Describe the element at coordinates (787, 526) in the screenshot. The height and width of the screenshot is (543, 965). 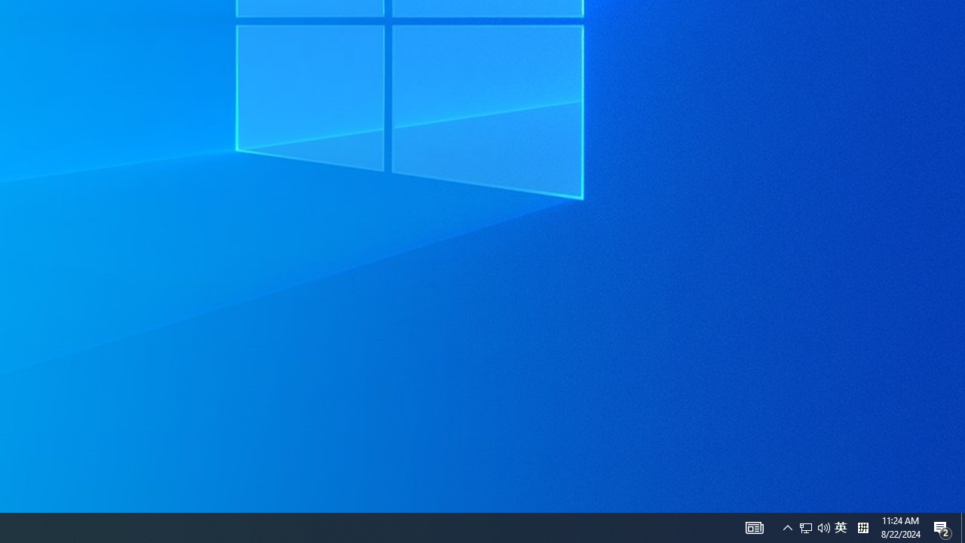
I see `'Notification Chevron'` at that location.